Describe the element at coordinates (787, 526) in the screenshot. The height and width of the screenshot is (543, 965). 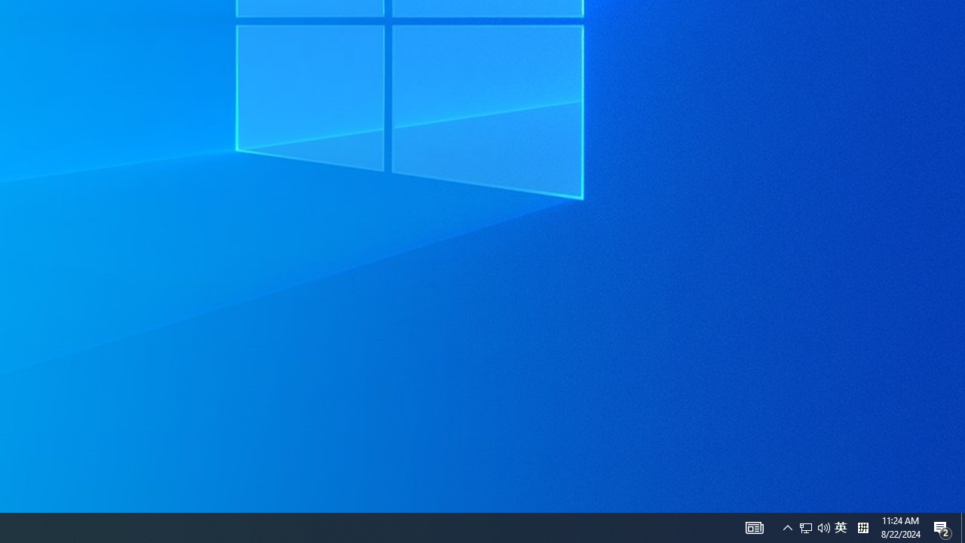
I see `'Notification Chevron'` at that location.